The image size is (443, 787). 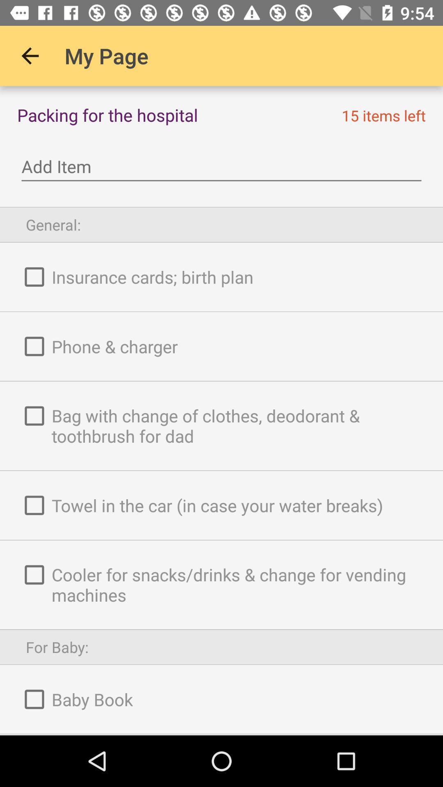 What do you see at coordinates (34, 277) in the screenshot?
I see `the first check button` at bounding box center [34, 277].